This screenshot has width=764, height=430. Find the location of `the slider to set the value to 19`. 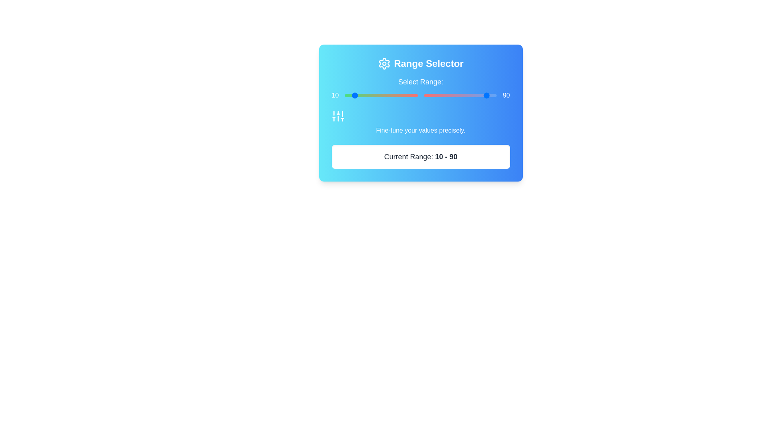

the slider to set the value to 19 is located at coordinates (373, 95).